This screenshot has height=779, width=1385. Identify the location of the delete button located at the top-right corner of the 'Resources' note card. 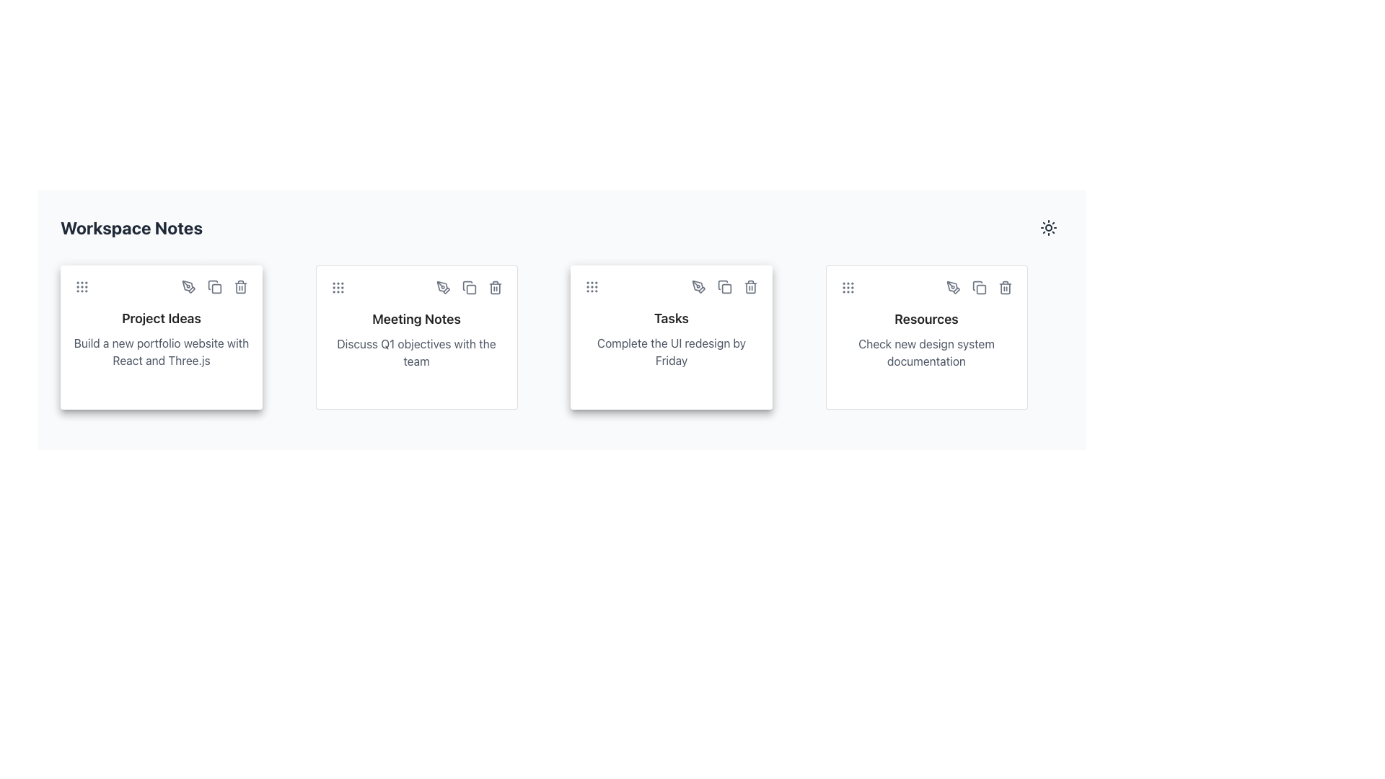
(1004, 287).